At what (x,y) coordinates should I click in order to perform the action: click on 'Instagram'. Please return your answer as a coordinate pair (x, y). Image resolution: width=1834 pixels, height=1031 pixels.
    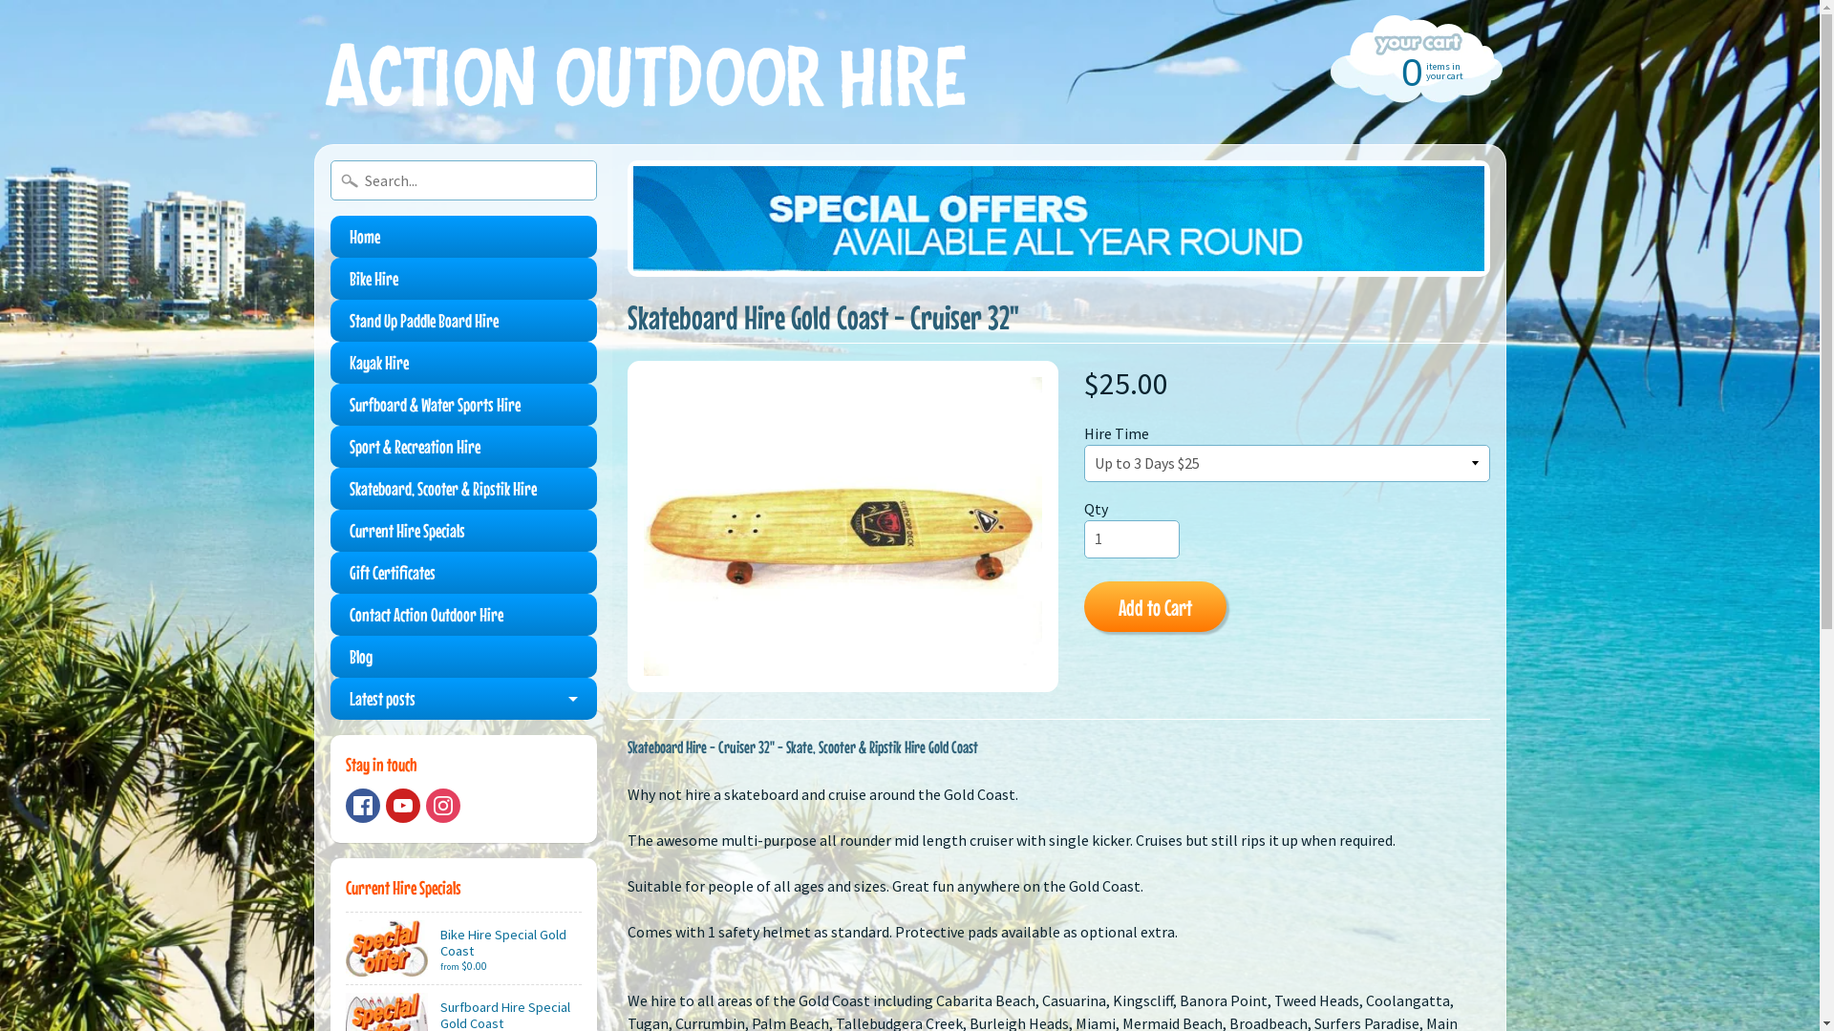
    Looking at the image, I should click on (442, 806).